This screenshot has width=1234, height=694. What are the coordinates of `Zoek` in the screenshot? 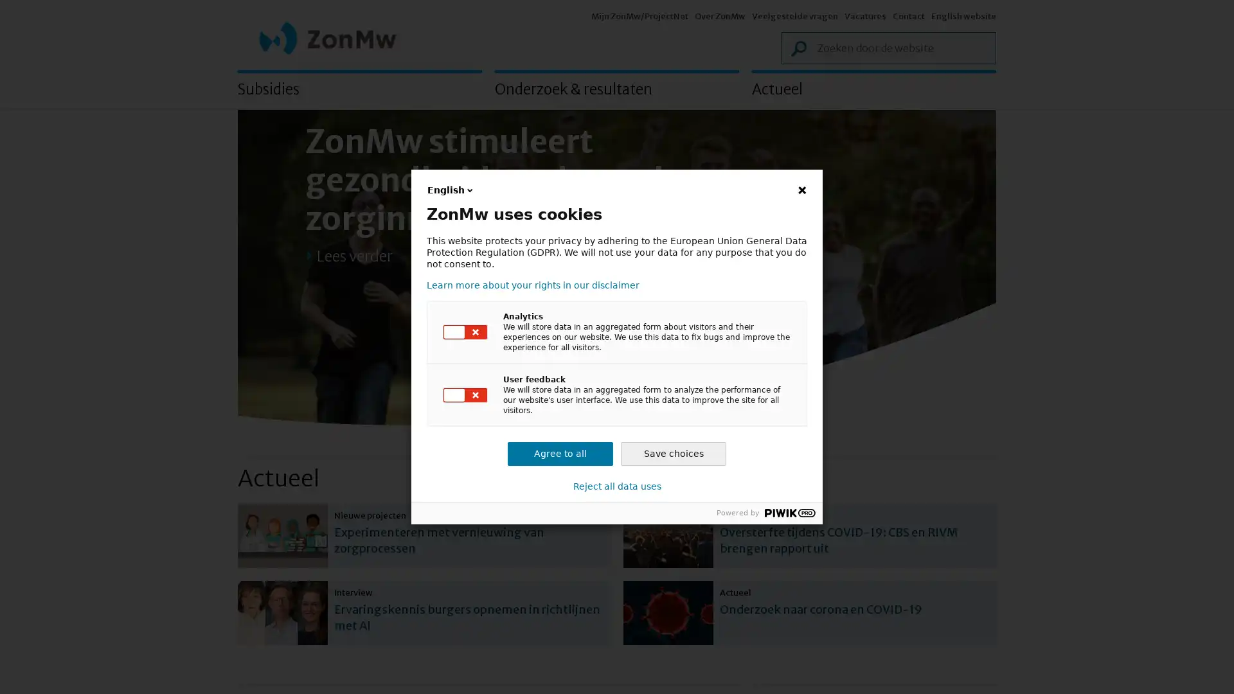 It's located at (987, 48).